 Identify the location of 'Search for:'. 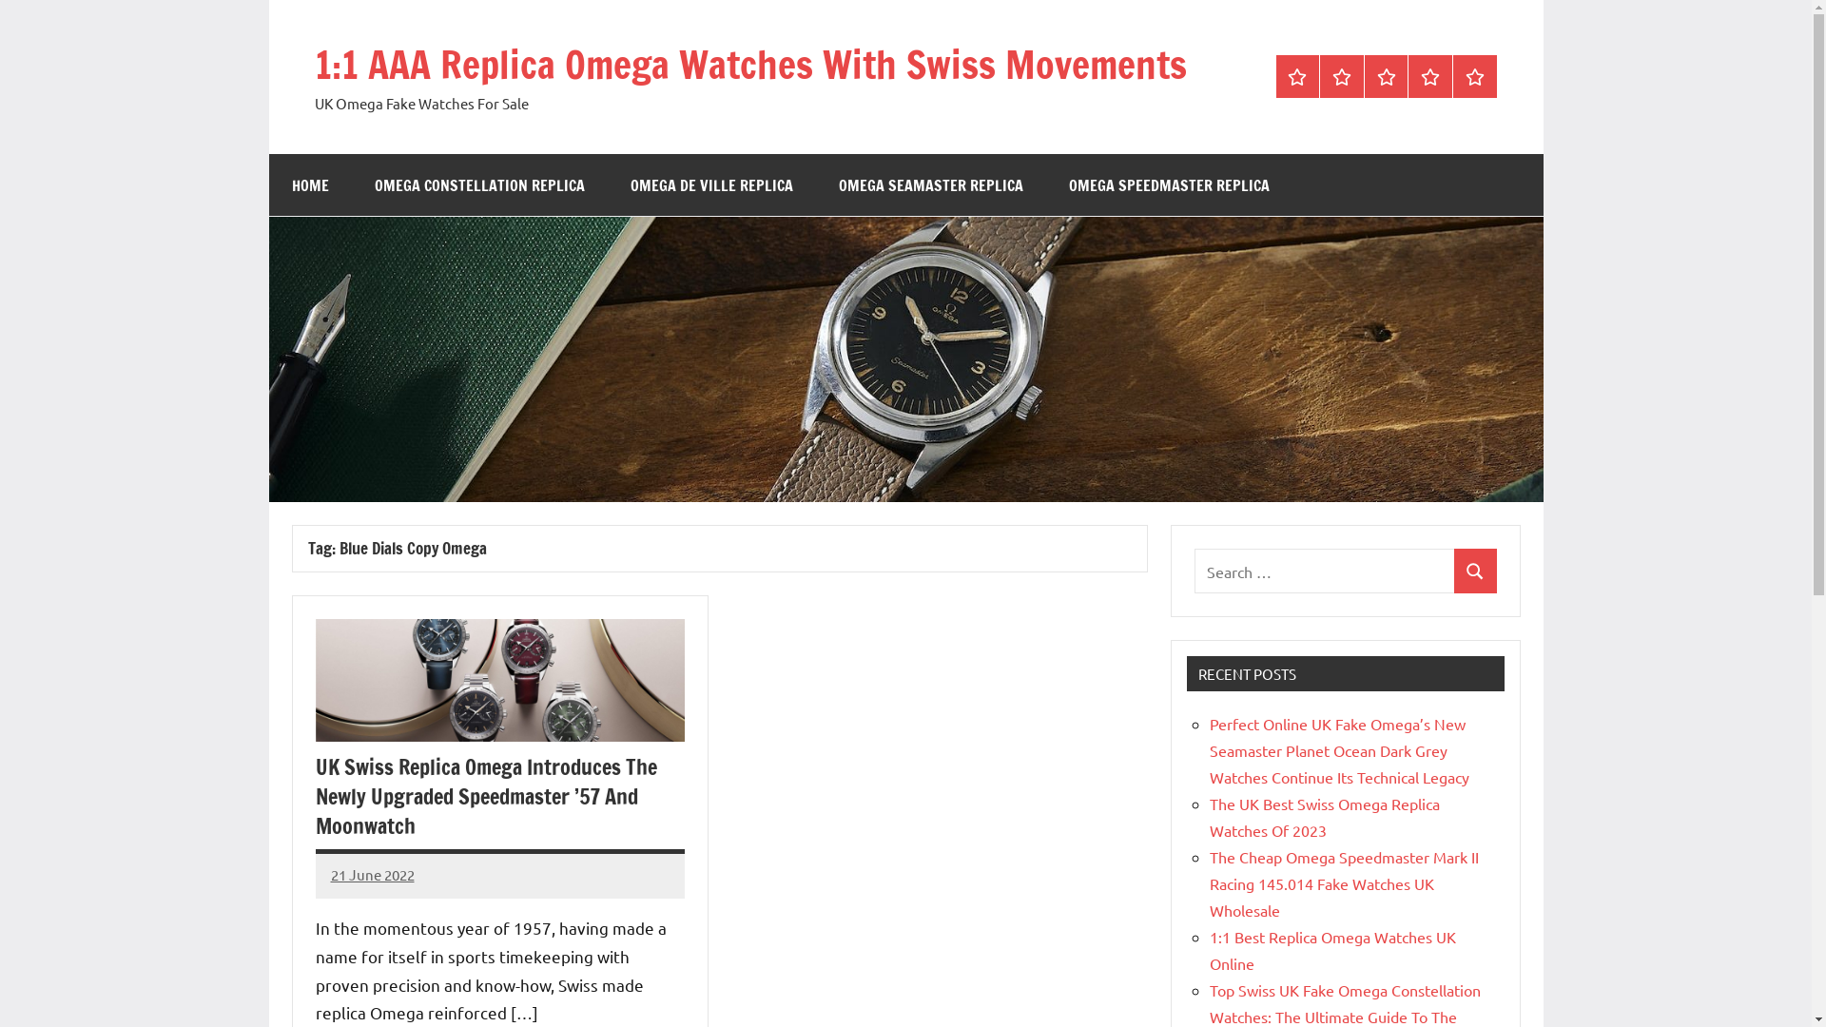
(1194, 570).